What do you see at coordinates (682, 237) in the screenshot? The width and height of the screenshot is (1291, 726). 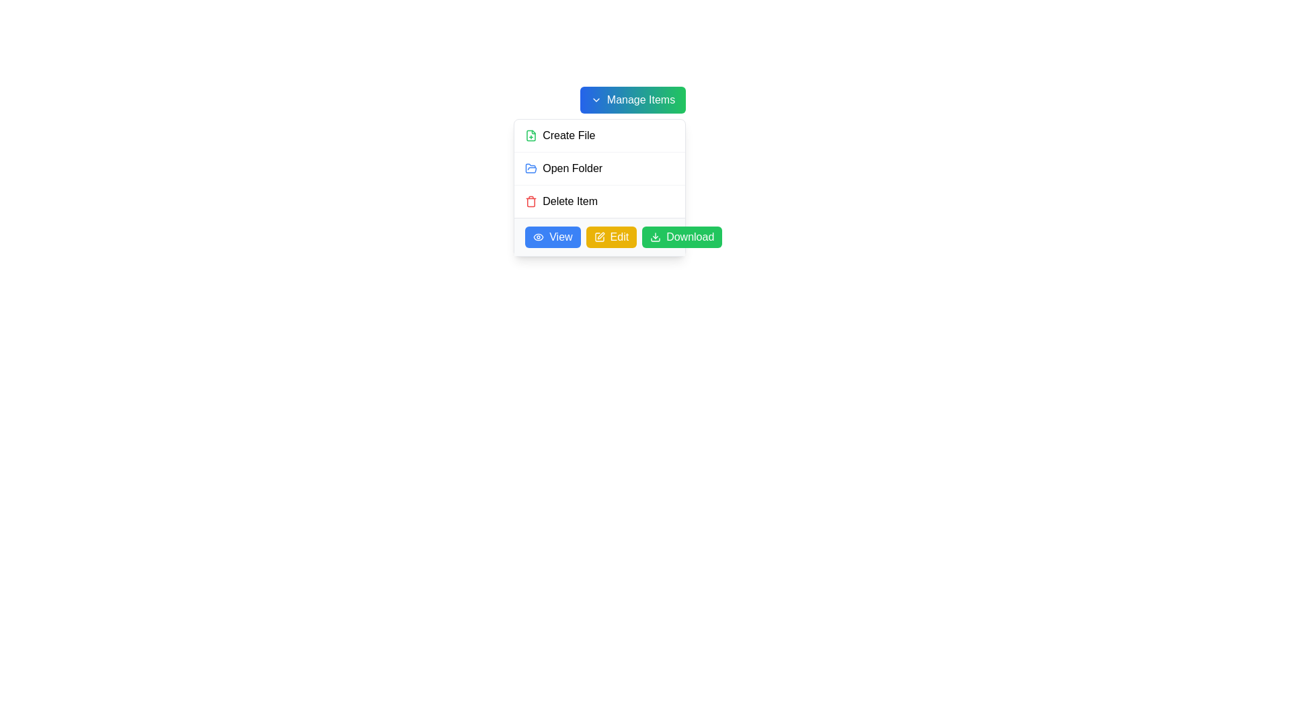 I see `the 'Download' button, which is the third button in a horizontal row at the bottom of the panel, to initiate the download process` at bounding box center [682, 237].